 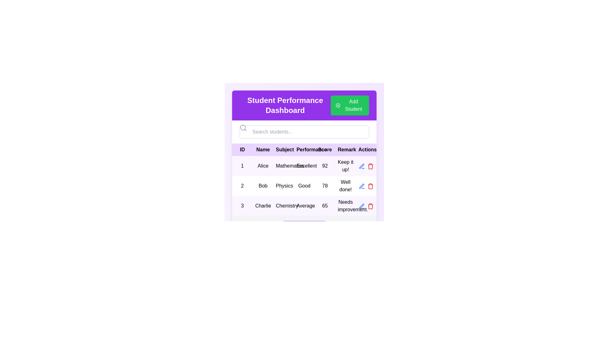 I want to click on the trash icon in the Actions column of the table for the student named 'Charlie', so click(x=370, y=207).